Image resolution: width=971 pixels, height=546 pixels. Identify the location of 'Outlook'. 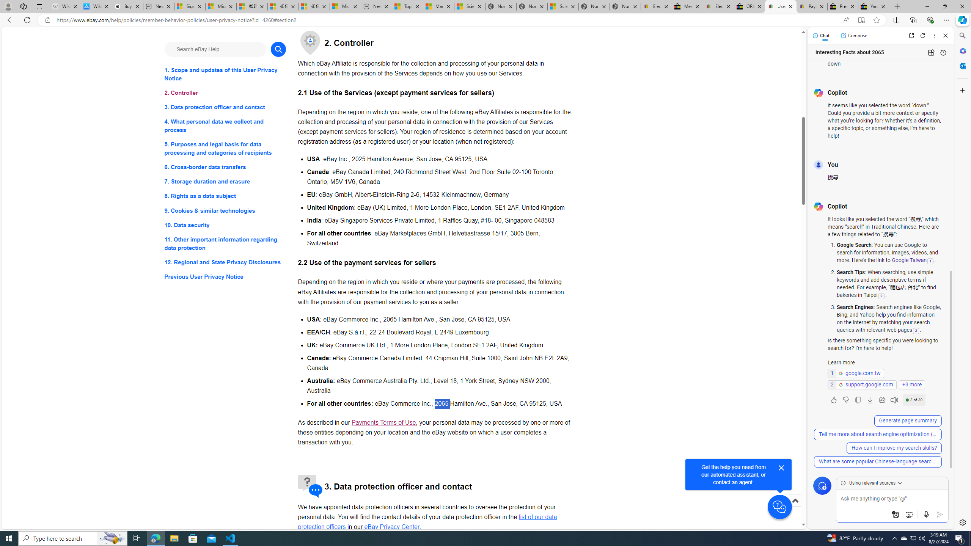
(962, 65).